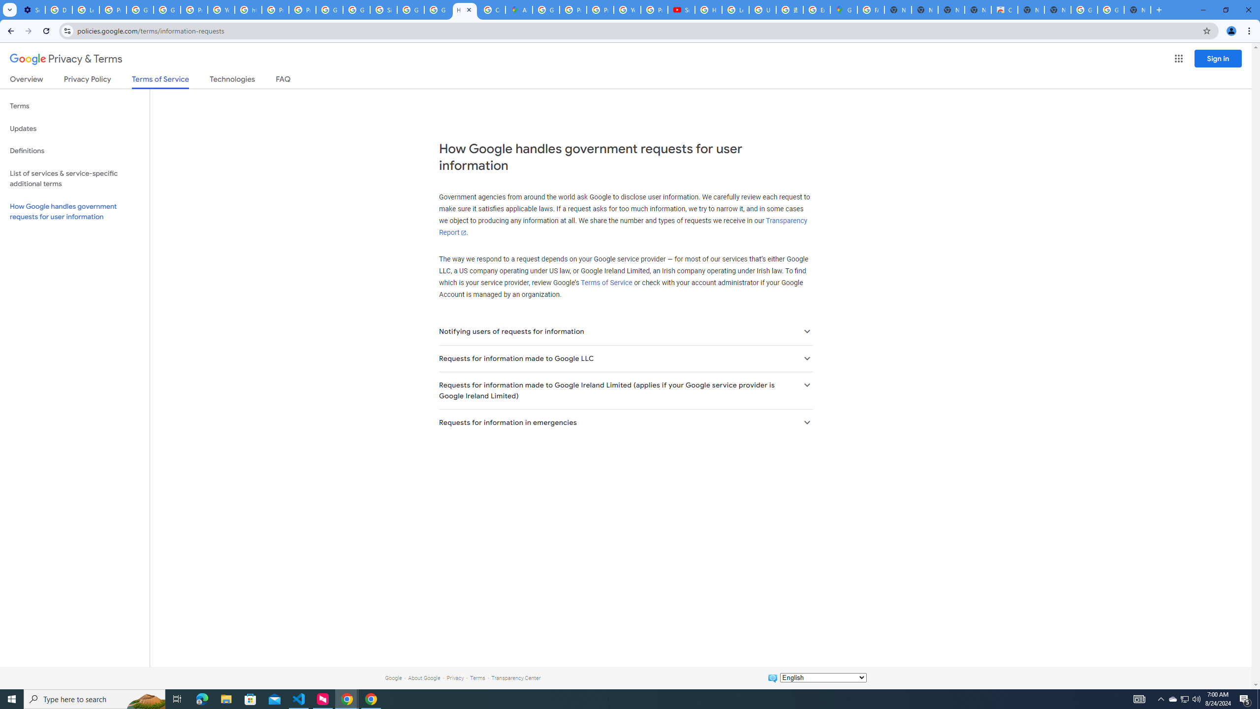 Image resolution: width=1260 pixels, height=709 pixels. What do you see at coordinates (1083, 9) in the screenshot?
I see `'Google Images'` at bounding box center [1083, 9].